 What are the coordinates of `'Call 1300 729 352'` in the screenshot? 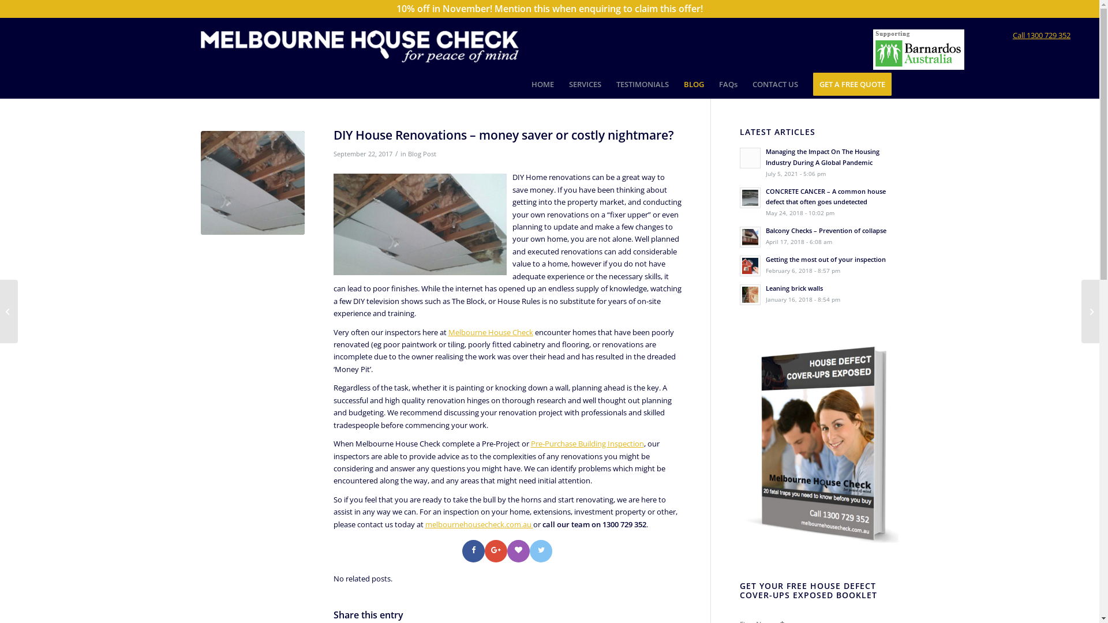 It's located at (1041, 35).